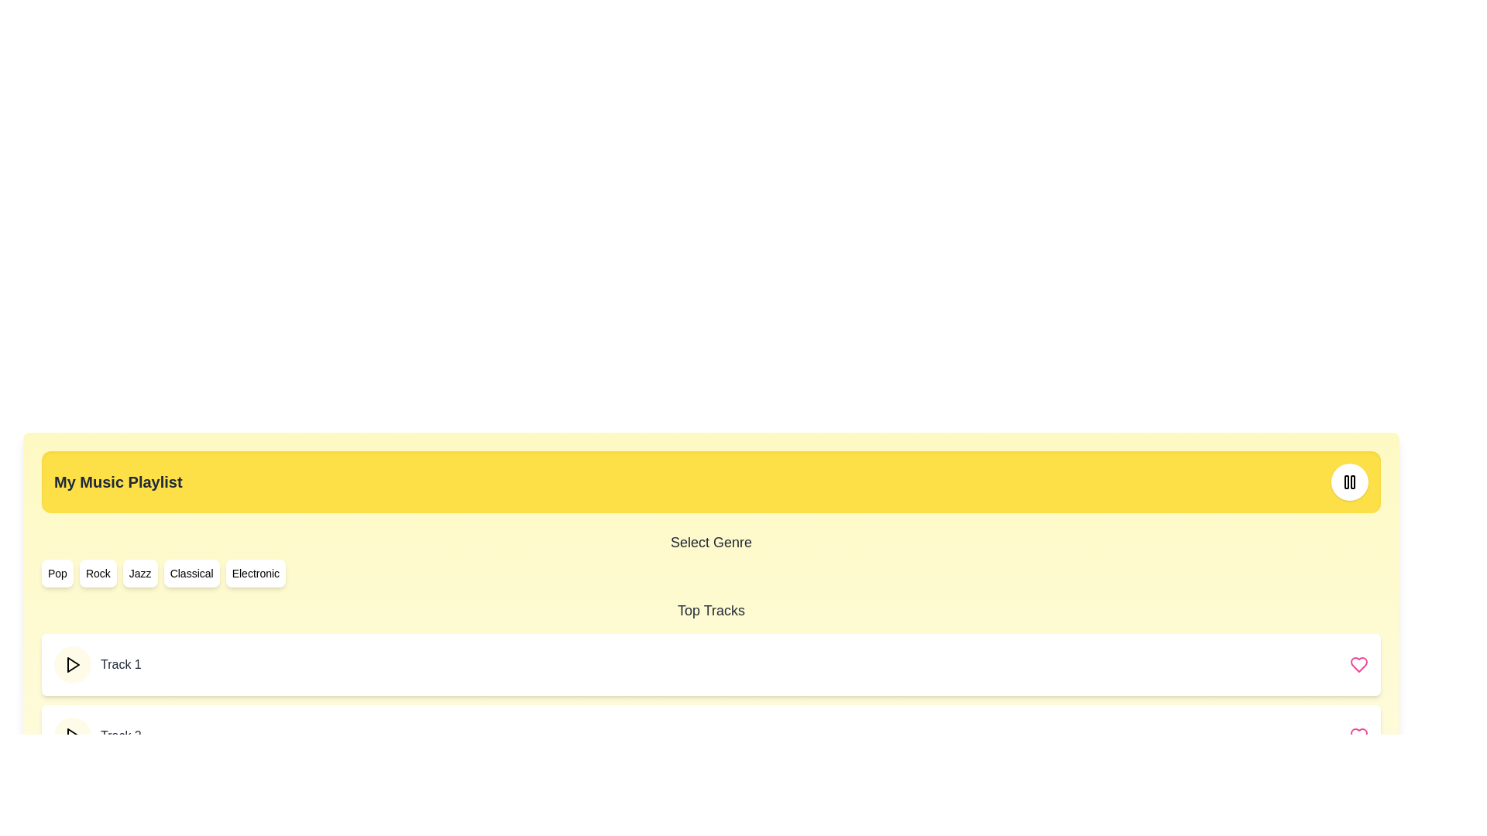  I want to click on the 'Play' icon represented by a triangle within a yellow circular background located in the 'Track 1' card, so click(73, 664).